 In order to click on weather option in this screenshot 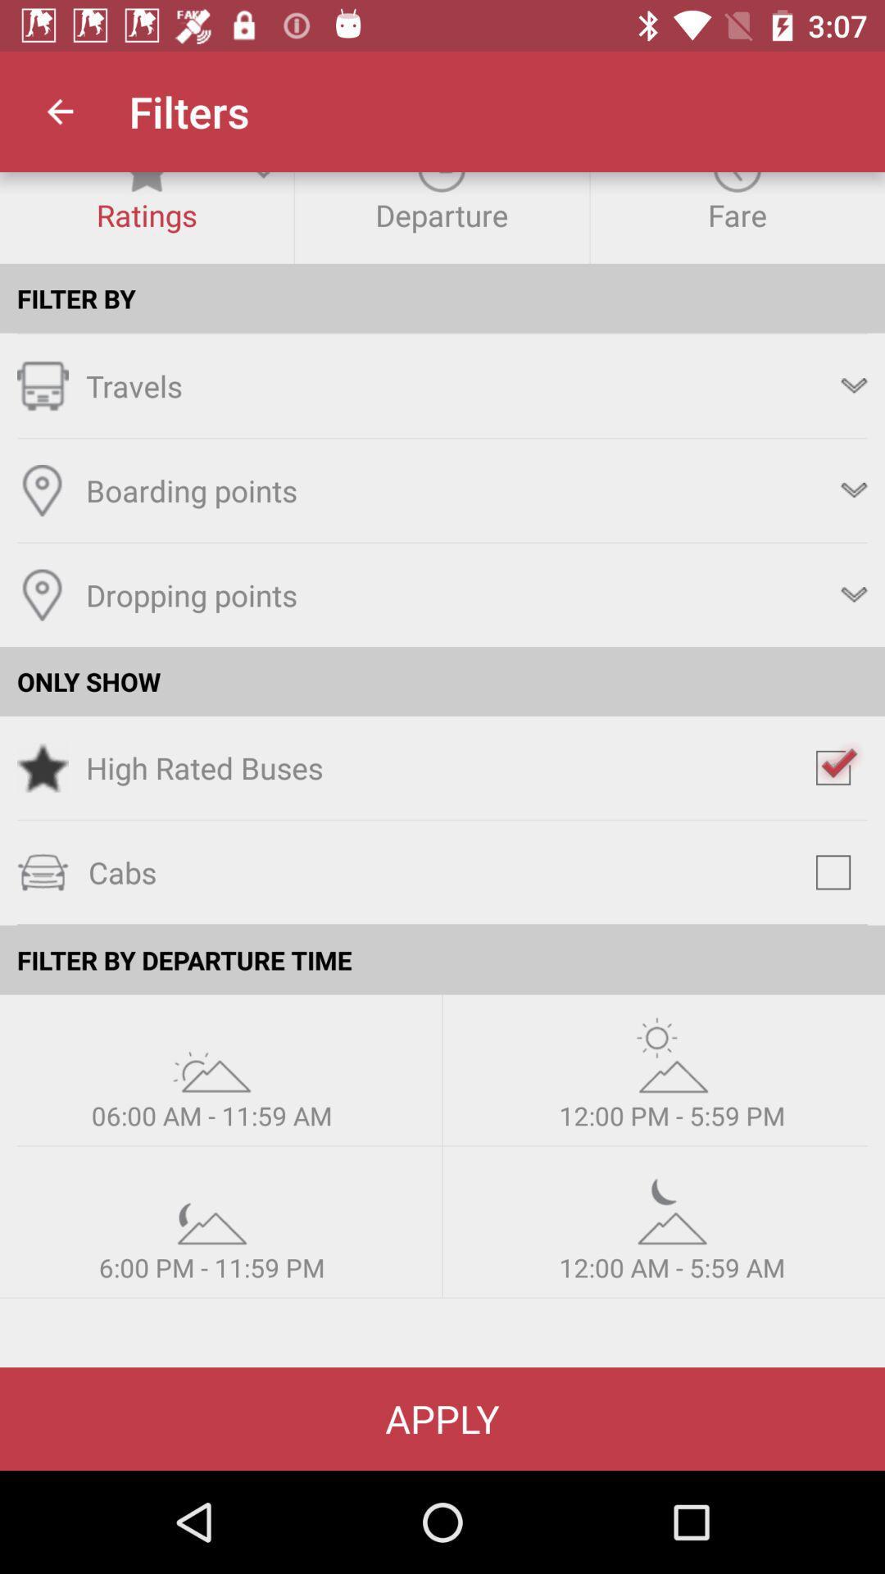, I will do `click(672, 1207)`.